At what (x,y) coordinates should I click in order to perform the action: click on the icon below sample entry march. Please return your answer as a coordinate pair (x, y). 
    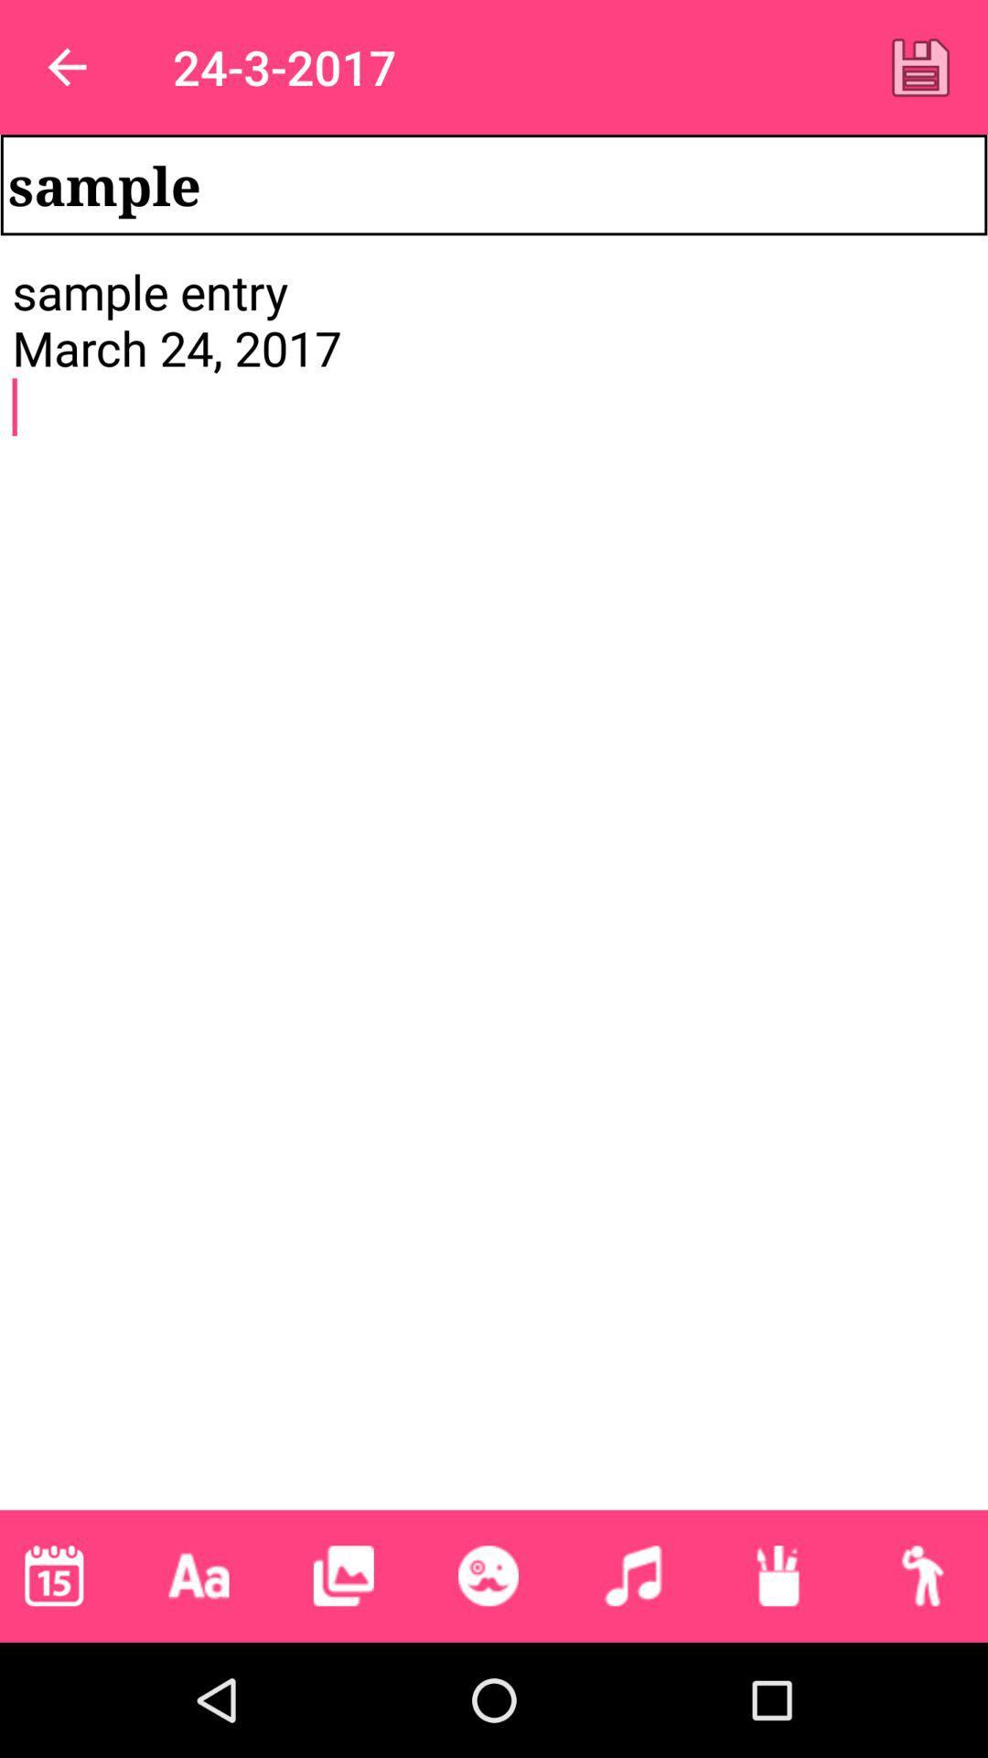
    Looking at the image, I should click on (922, 1575).